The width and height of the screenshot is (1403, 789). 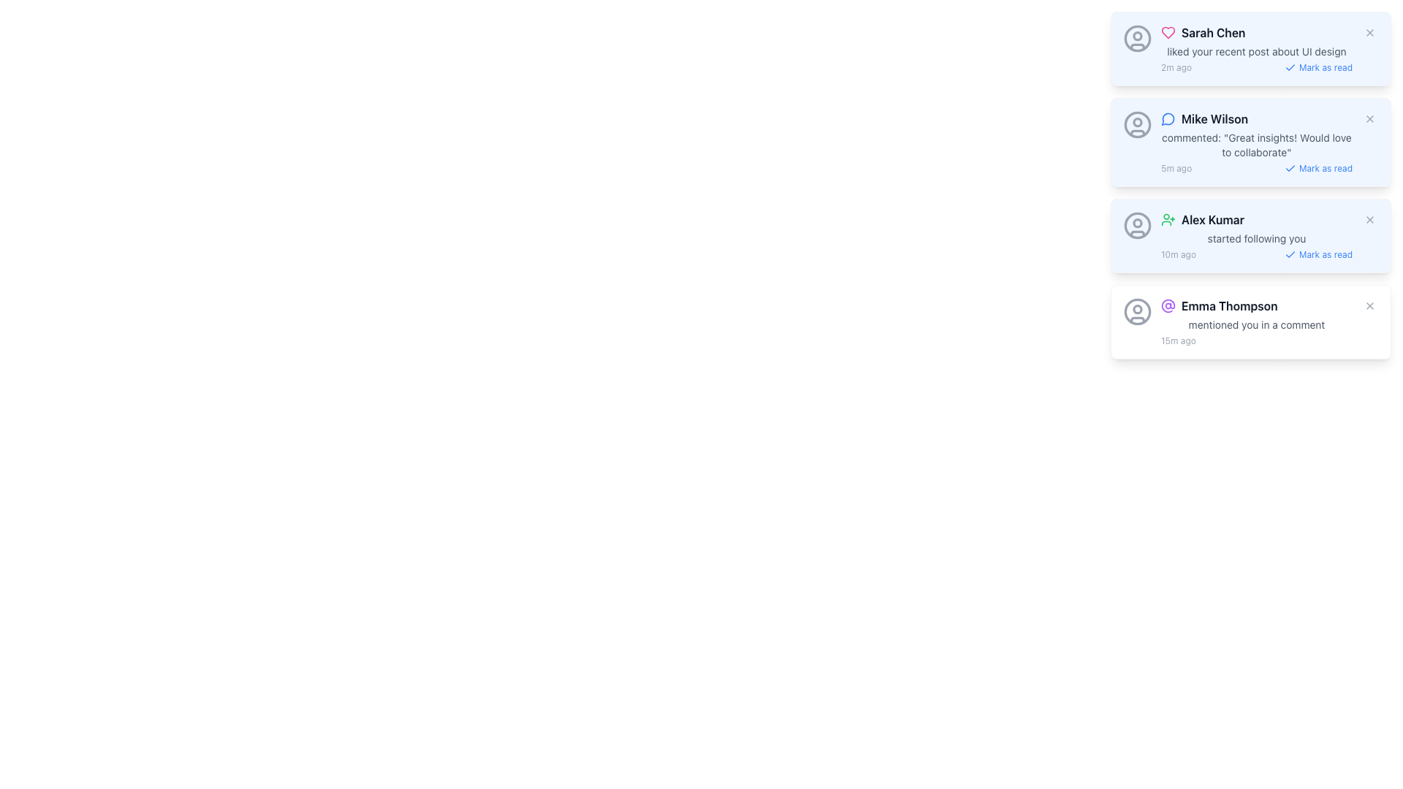 What do you see at coordinates (1136, 225) in the screenshot?
I see `the circular part of the profile icon representing user Alex Kumar in the third notification entry titled 'Alex Kumar started following you'` at bounding box center [1136, 225].